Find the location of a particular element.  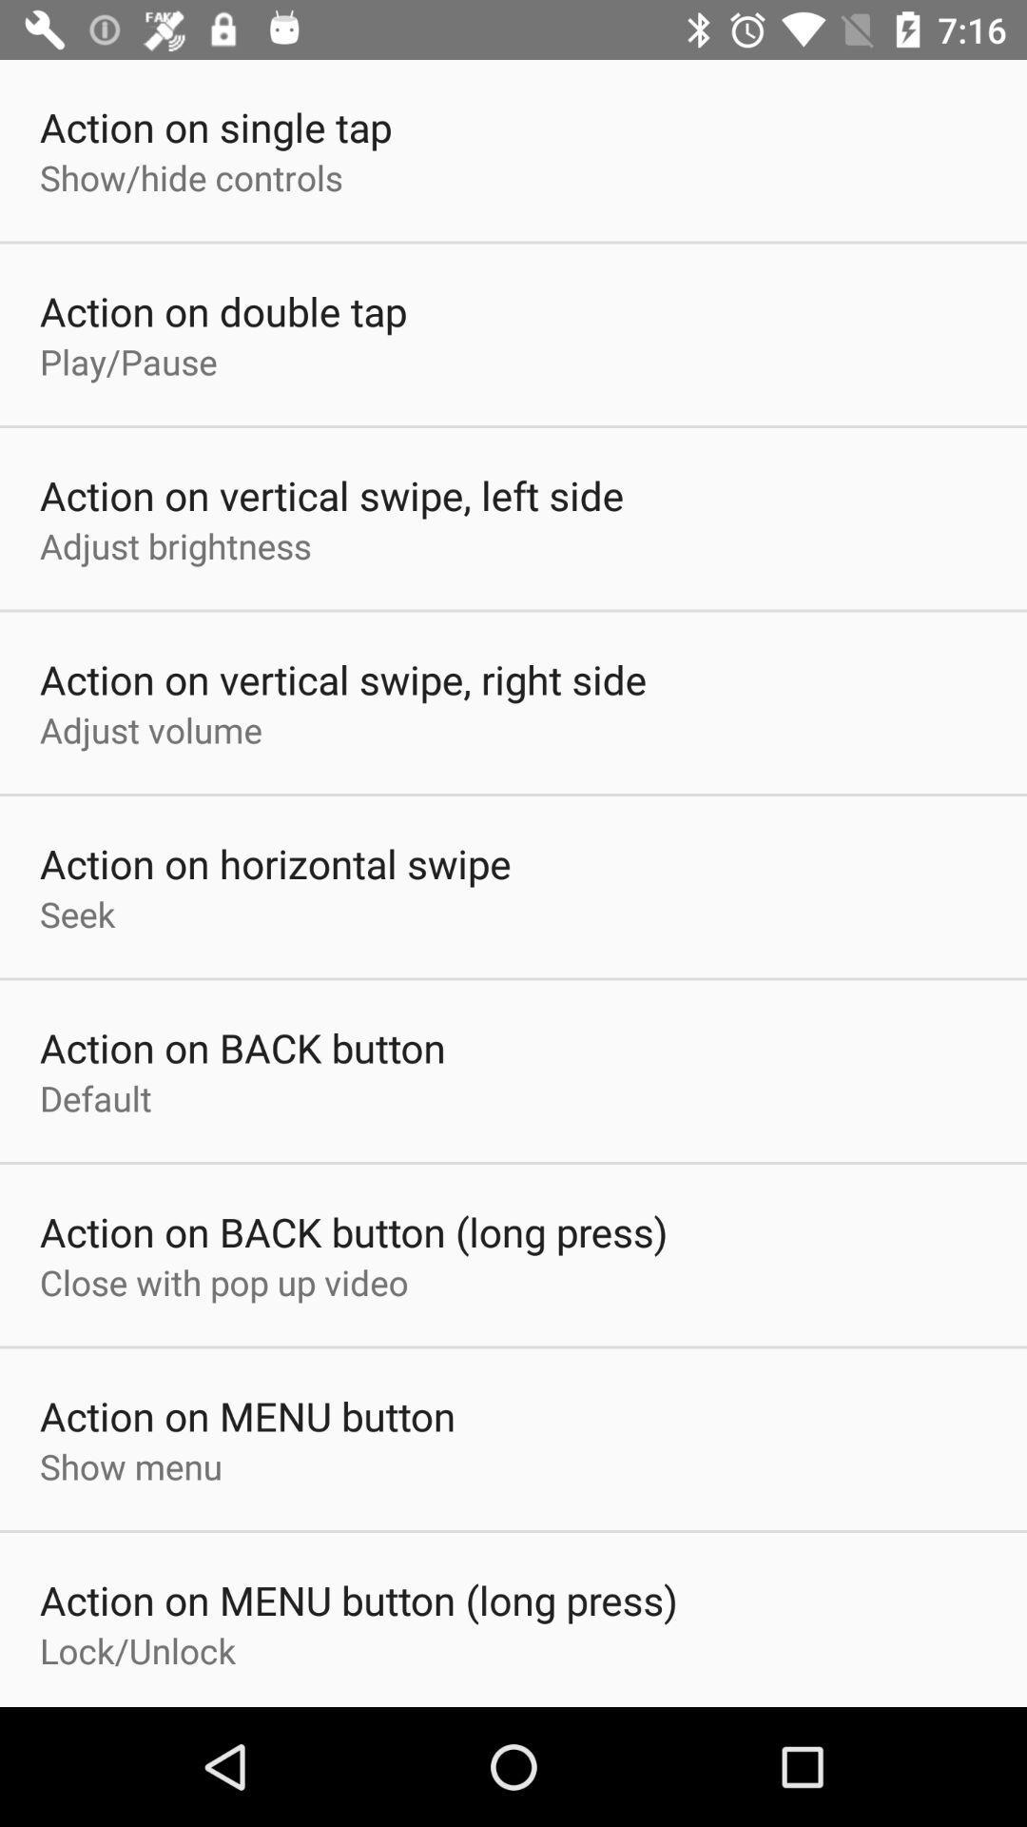

the close with pop app is located at coordinates (223, 1282).